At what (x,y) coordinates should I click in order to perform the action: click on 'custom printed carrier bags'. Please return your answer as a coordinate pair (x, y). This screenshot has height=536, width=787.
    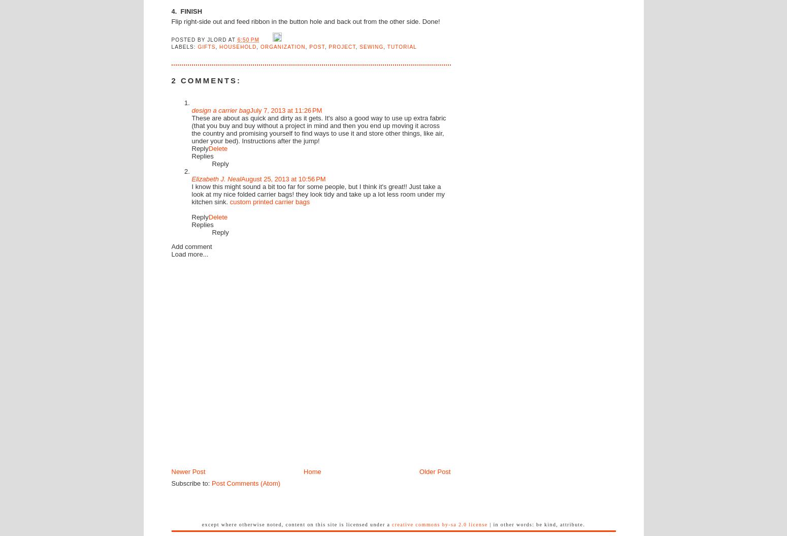
    Looking at the image, I should click on (269, 201).